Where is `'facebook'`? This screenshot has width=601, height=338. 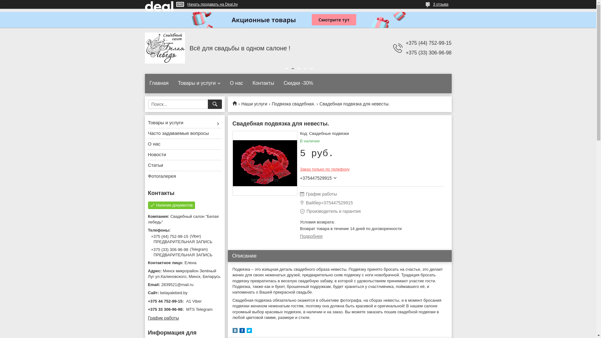
'facebook' is located at coordinates (241, 331).